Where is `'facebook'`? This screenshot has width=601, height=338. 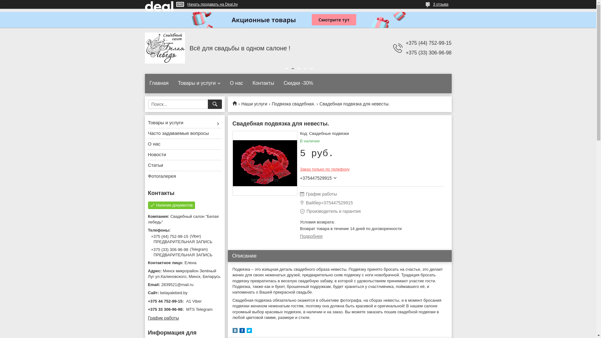
'facebook' is located at coordinates (241, 331).